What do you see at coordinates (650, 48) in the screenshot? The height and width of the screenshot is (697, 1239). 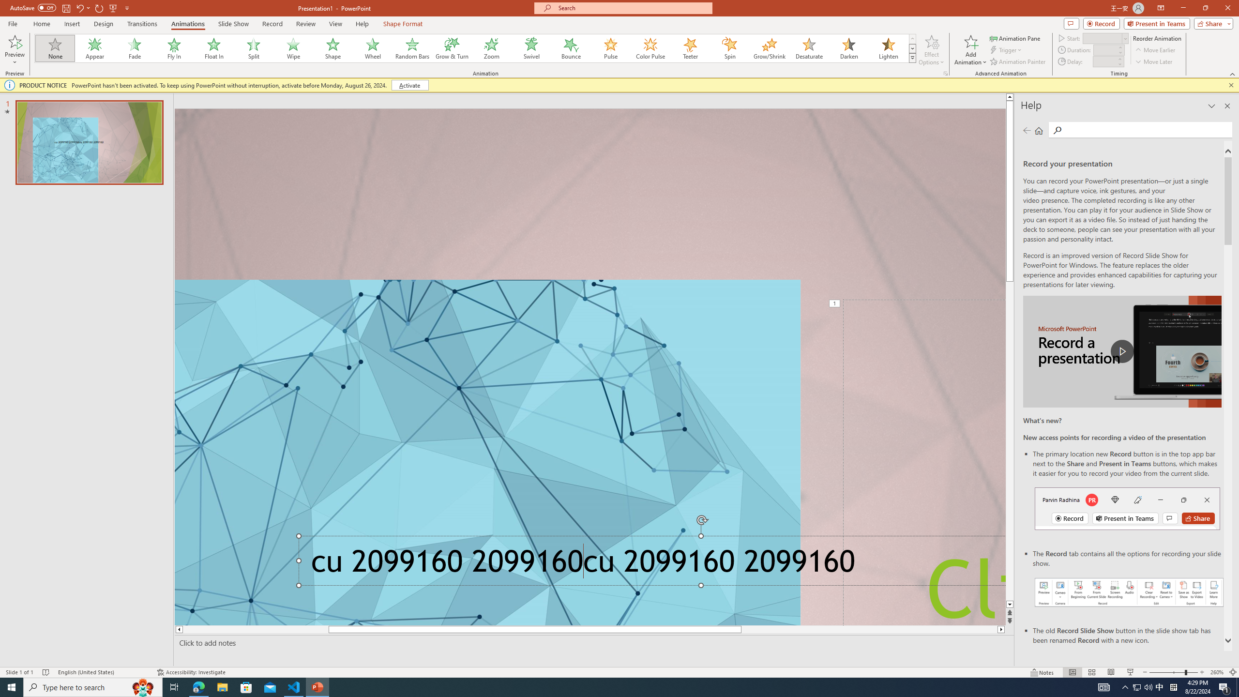 I see `'Color Pulse'` at bounding box center [650, 48].